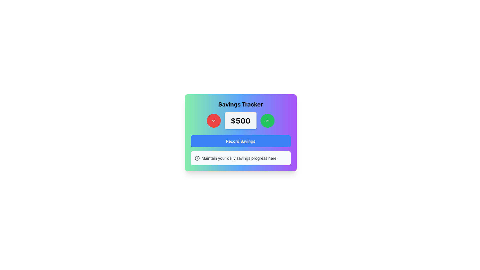  What do you see at coordinates (197, 158) in the screenshot?
I see `the SVG Circle element that serves as part of an icon conveying supplementary information related to the adjacent text instruction, located at the bottom of the 'Record Savings' blue button` at bounding box center [197, 158].